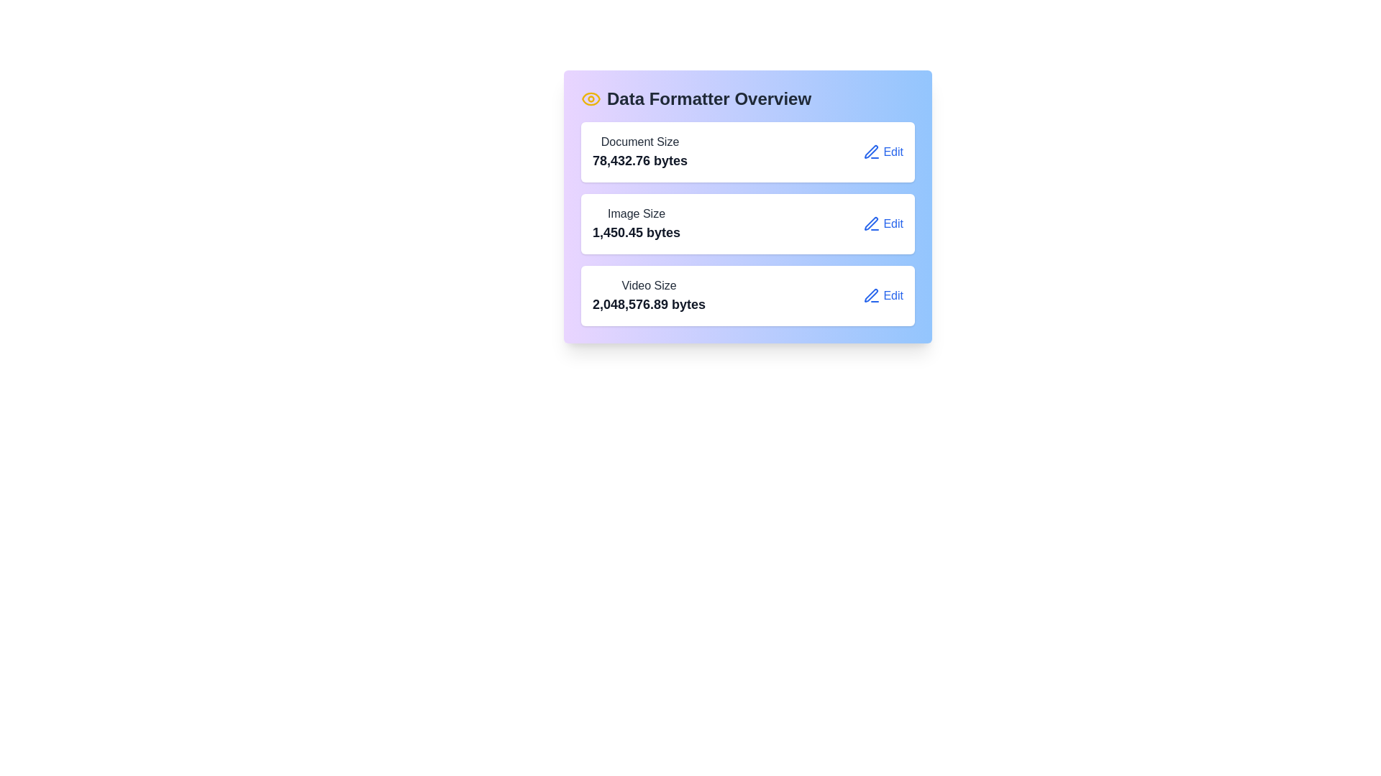 The height and width of the screenshot is (776, 1381). What do you see at coordinates (648, 295) in the screenshot?
I see `the Text Display Component that shows the size of a video file in bytes, located between the 'Image Size' item and the 'Edit' button` at bounding box center [648, 295].